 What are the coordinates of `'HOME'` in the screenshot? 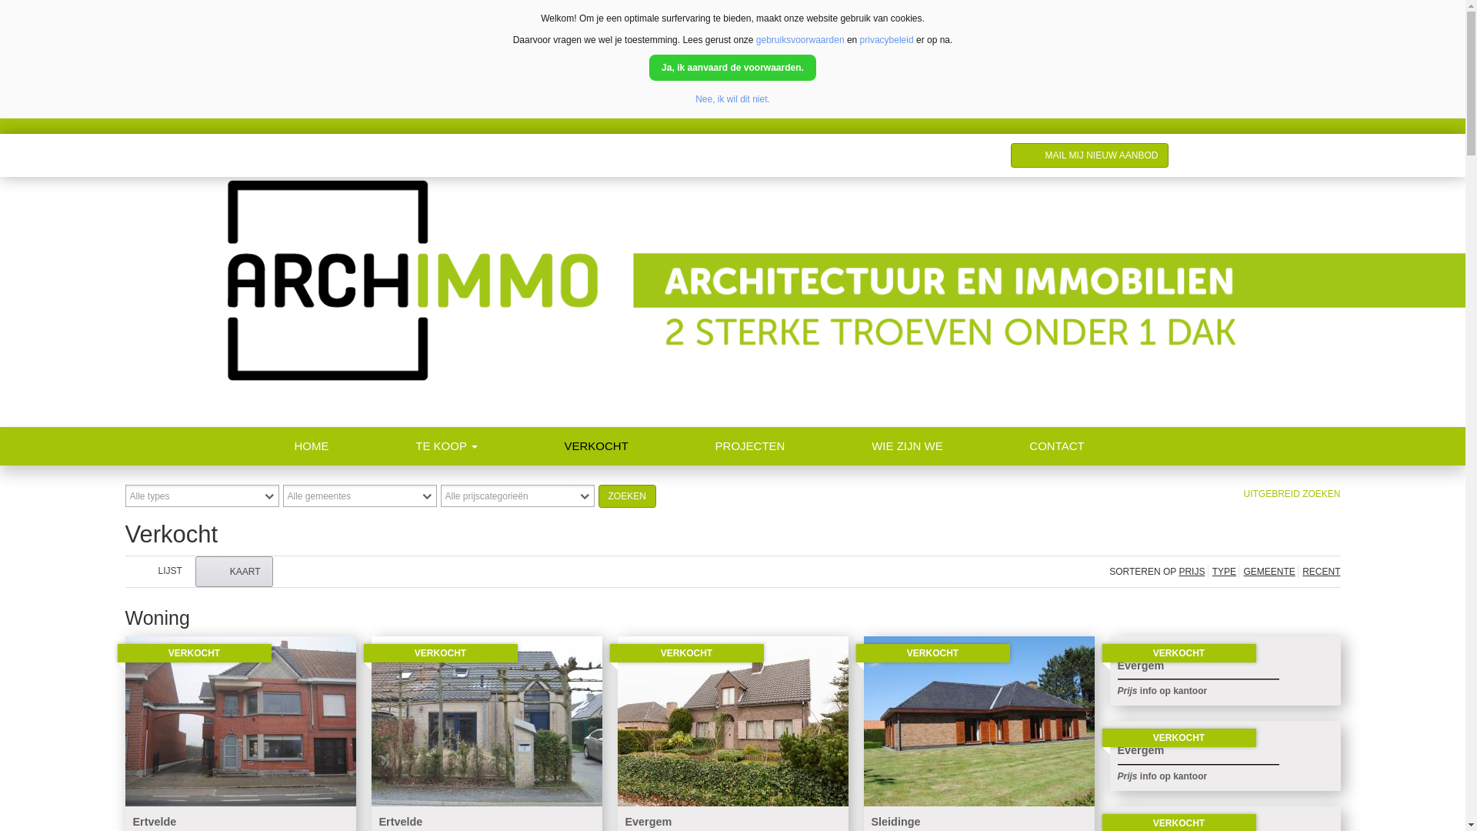 It's located at (353, 446).